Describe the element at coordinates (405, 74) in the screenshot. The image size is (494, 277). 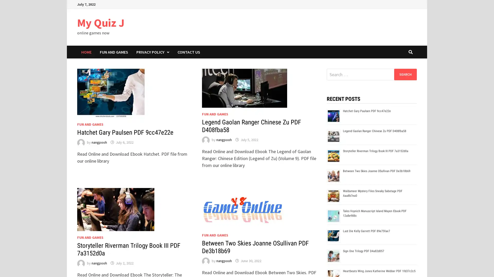
I see `Search` at that location.